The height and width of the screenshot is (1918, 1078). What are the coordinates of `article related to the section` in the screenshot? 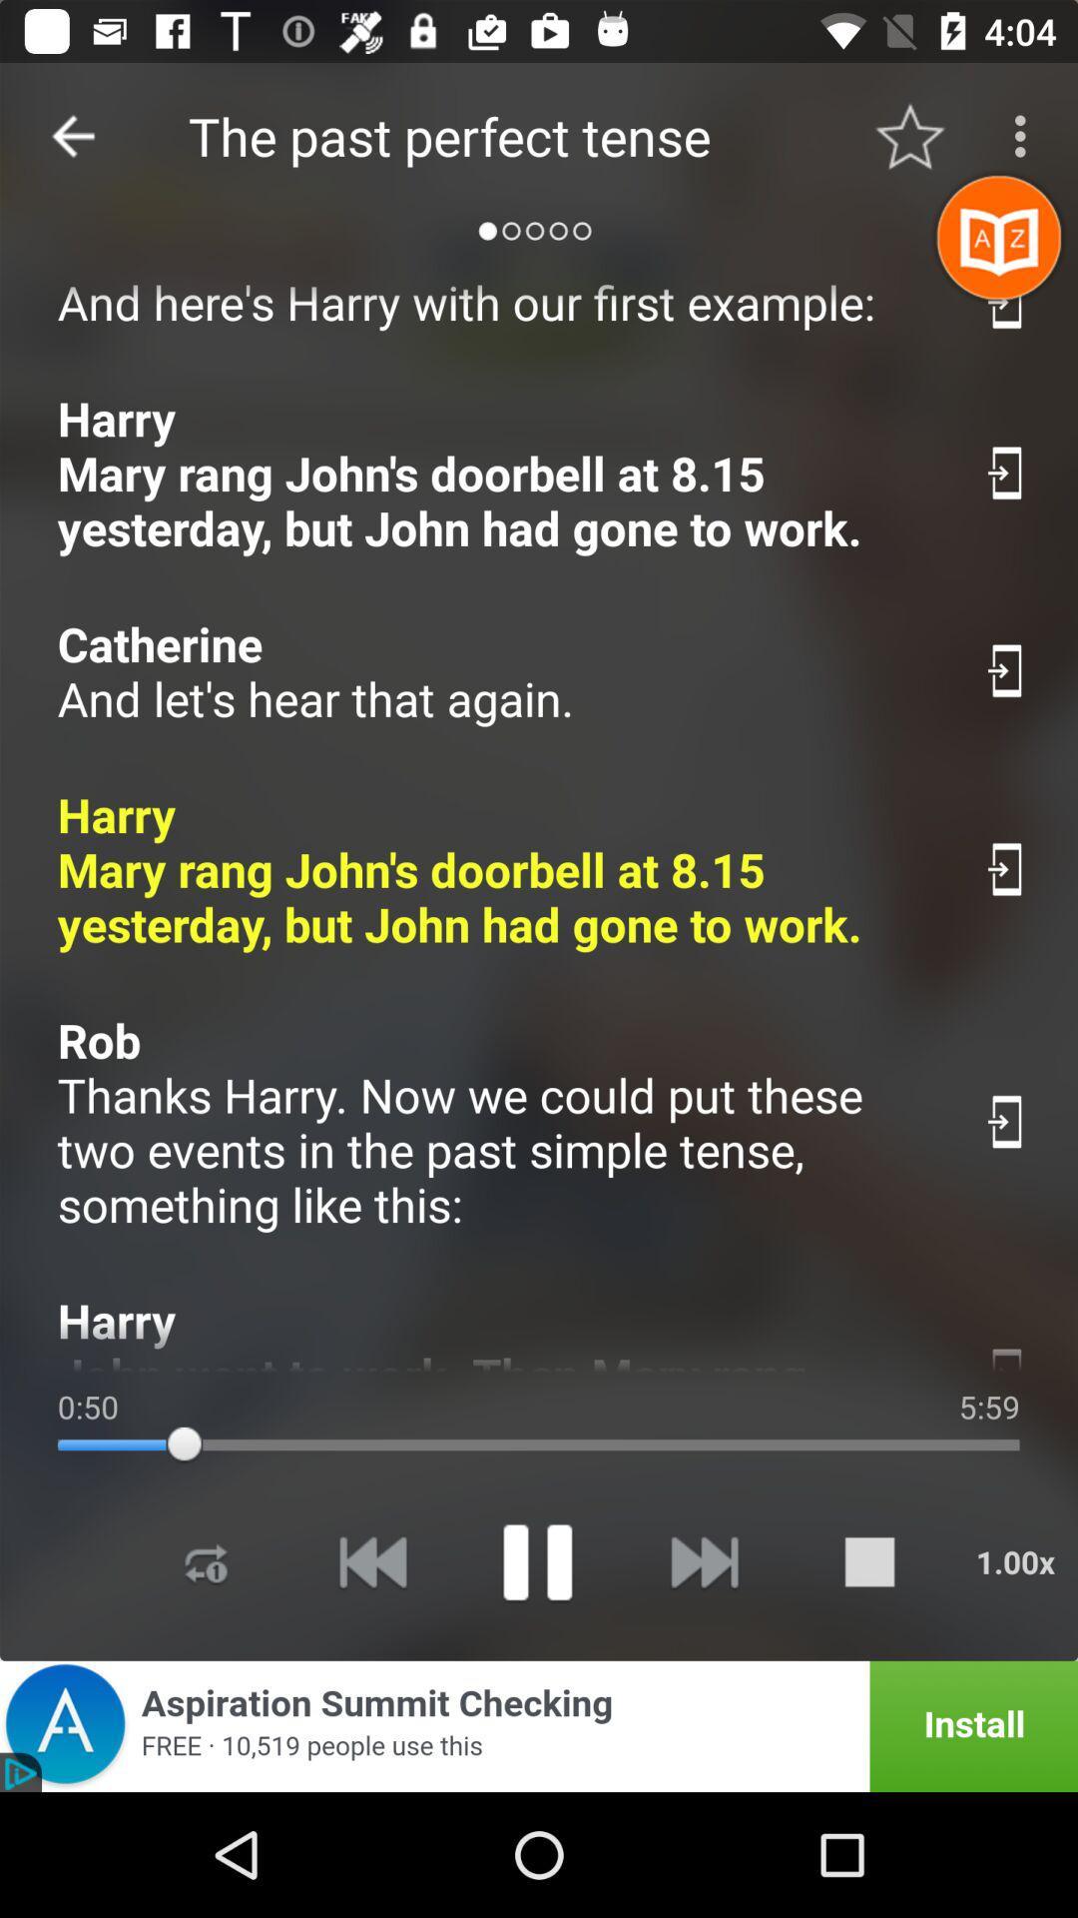 It's located at (1007, 301).